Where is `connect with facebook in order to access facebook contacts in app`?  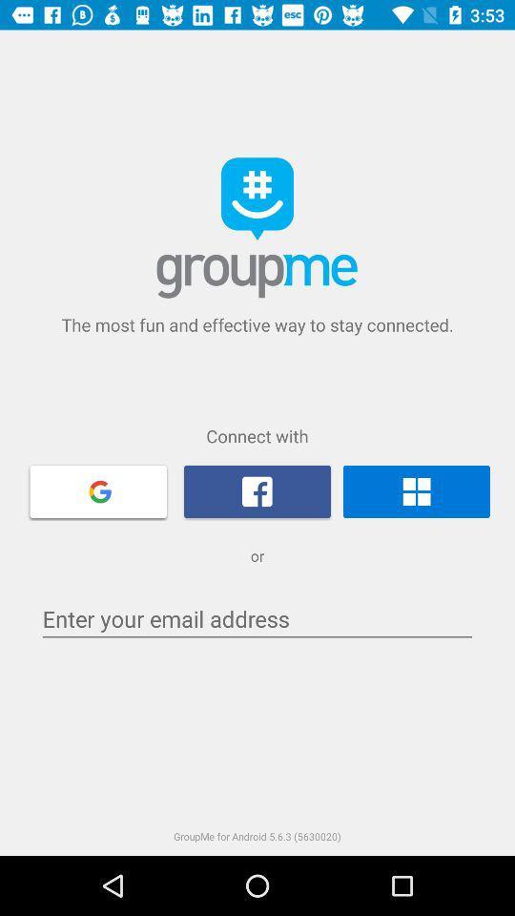
connect with facebook in order to access facebook contacts in app is located at coordinates (257, 490).